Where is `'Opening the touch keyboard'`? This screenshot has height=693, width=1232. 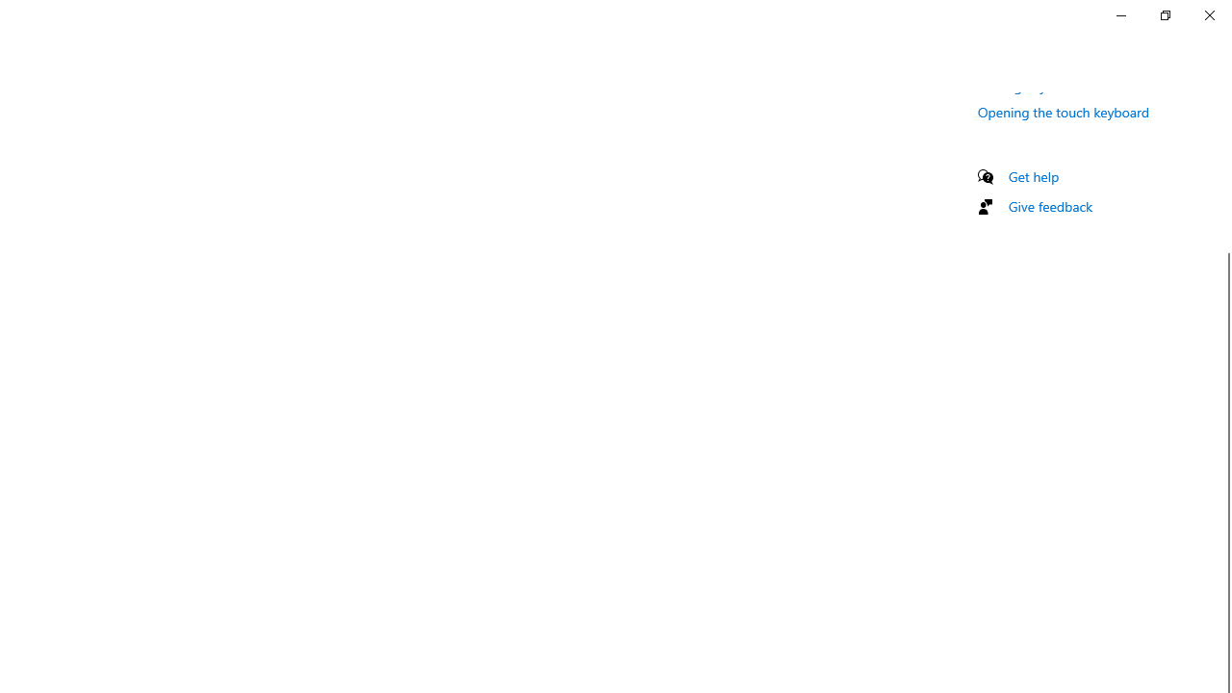 'Opening the touch keyboard' is located at coordinates (1063, 112).